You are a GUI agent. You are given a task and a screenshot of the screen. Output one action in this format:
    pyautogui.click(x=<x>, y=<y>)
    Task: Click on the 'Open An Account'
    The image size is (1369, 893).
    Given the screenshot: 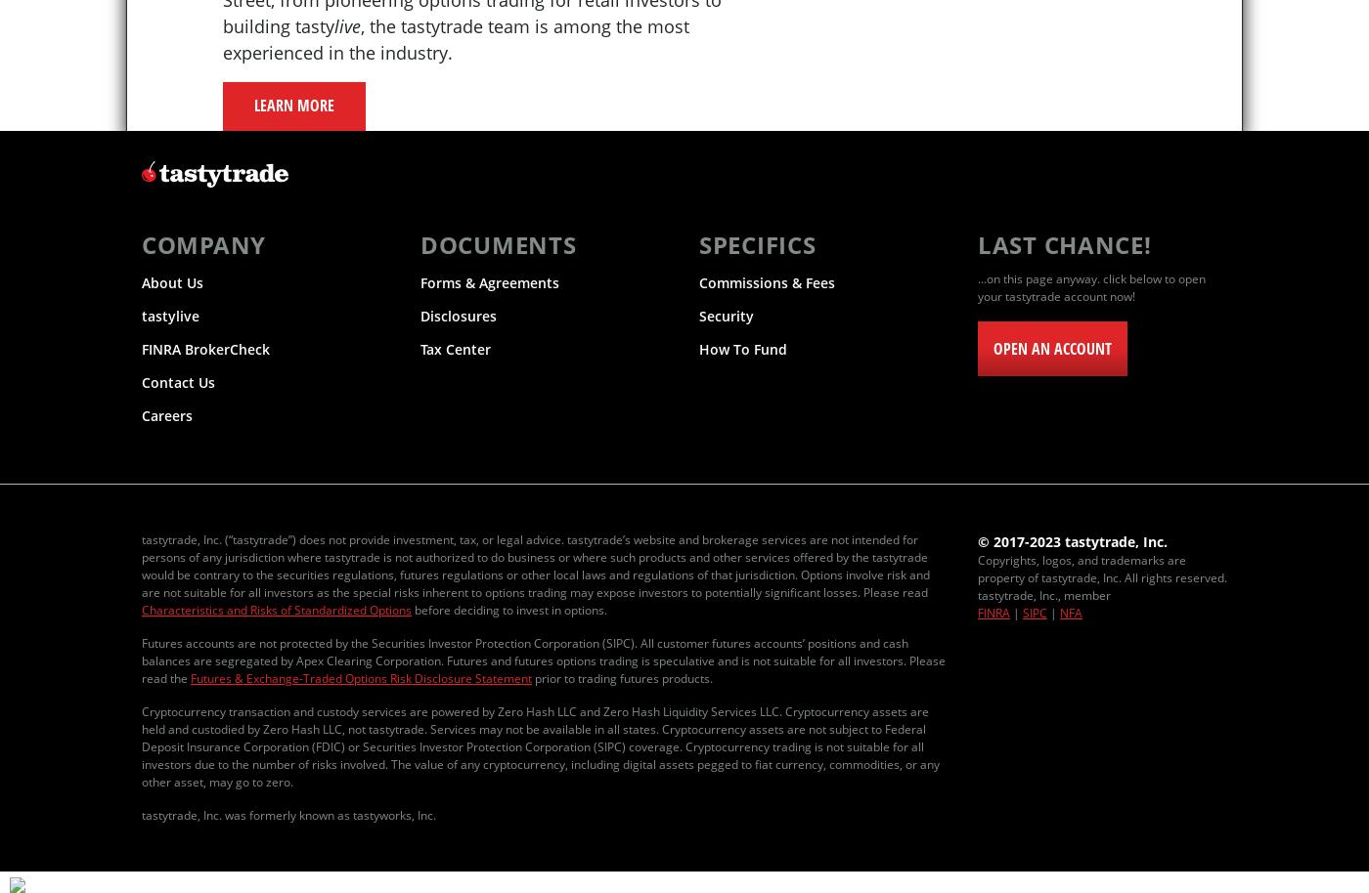 What is the action you would take?
    pyautogui.click(x=1052, y=348)
    